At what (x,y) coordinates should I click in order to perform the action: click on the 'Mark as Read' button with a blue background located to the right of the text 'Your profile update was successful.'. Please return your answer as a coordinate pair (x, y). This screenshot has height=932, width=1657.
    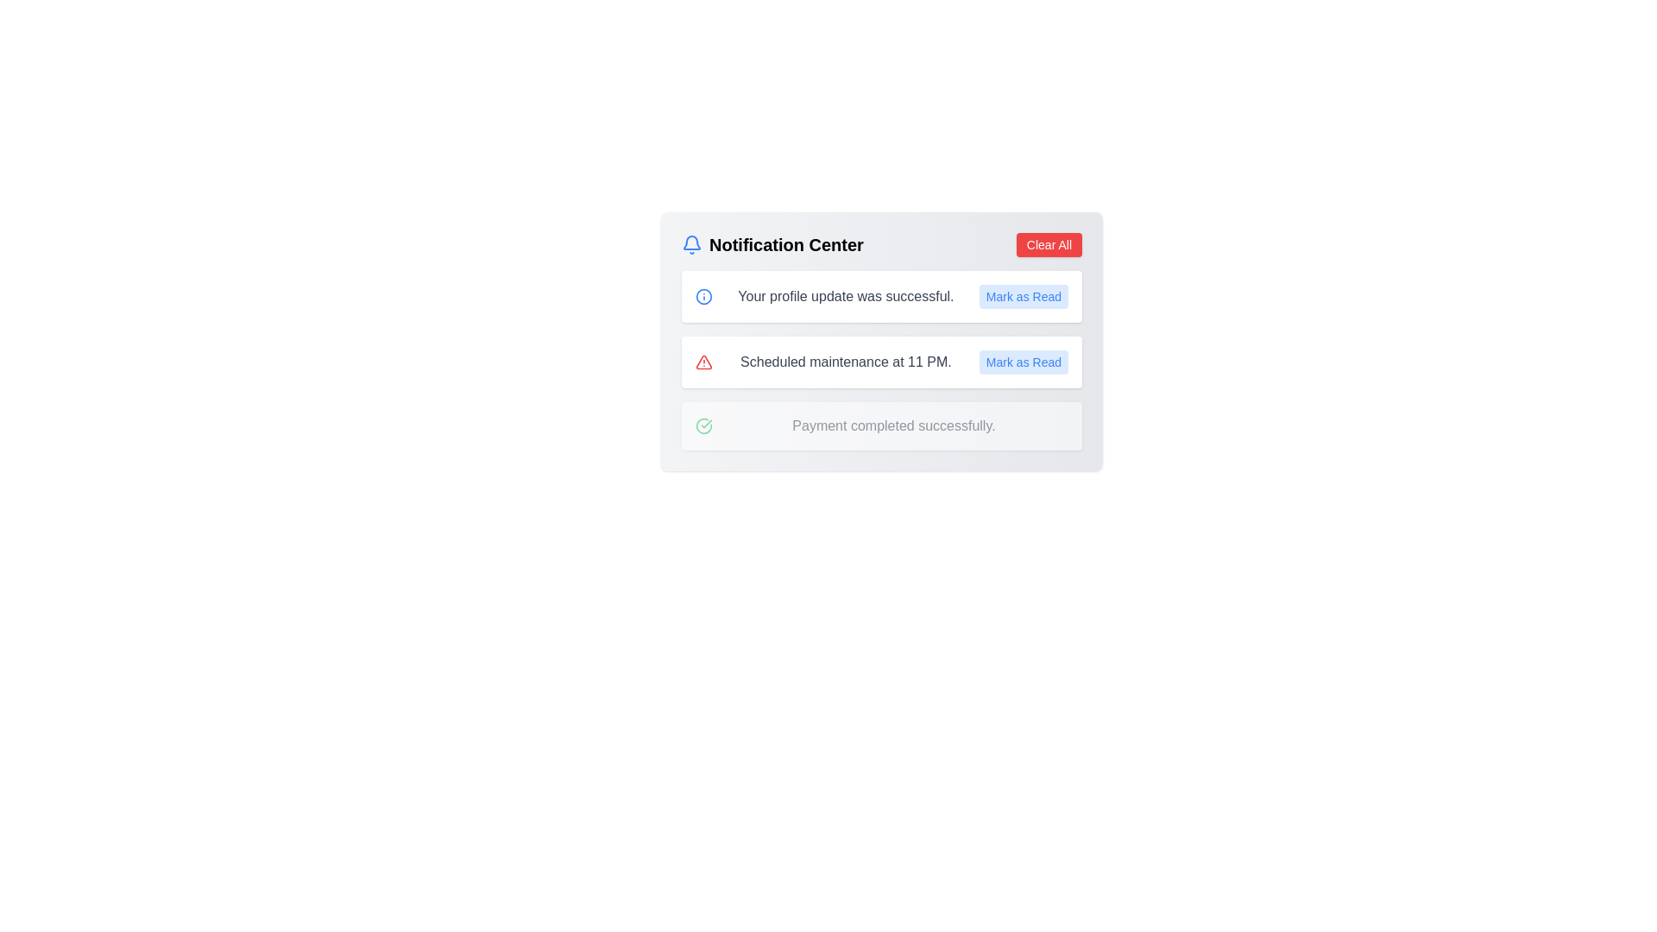
    Looking at the image, I should click on (1024, 295).